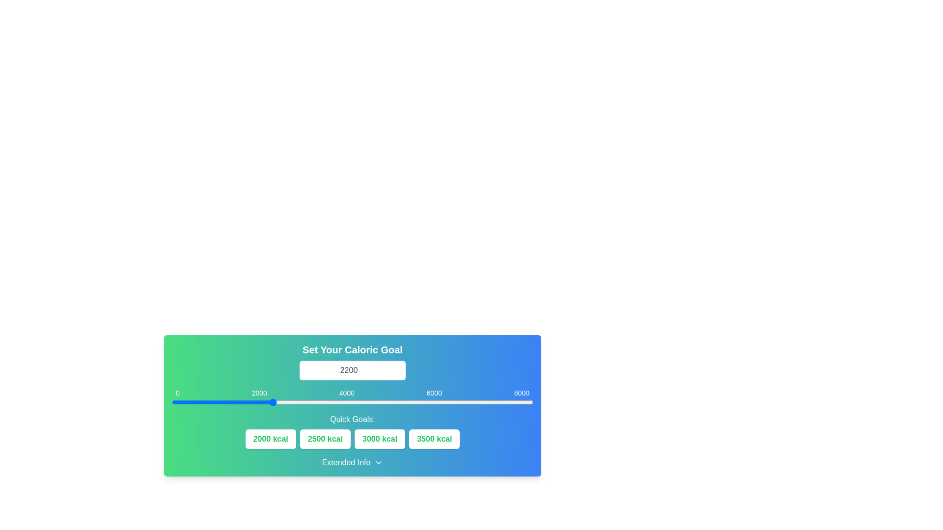  I want to click on the downward-pointing arrow icon, which is styled with thin strokes and rounded edges, located to the immediate right of the 'Extended Info' text label at the bottom of the section, so click(378, 462).